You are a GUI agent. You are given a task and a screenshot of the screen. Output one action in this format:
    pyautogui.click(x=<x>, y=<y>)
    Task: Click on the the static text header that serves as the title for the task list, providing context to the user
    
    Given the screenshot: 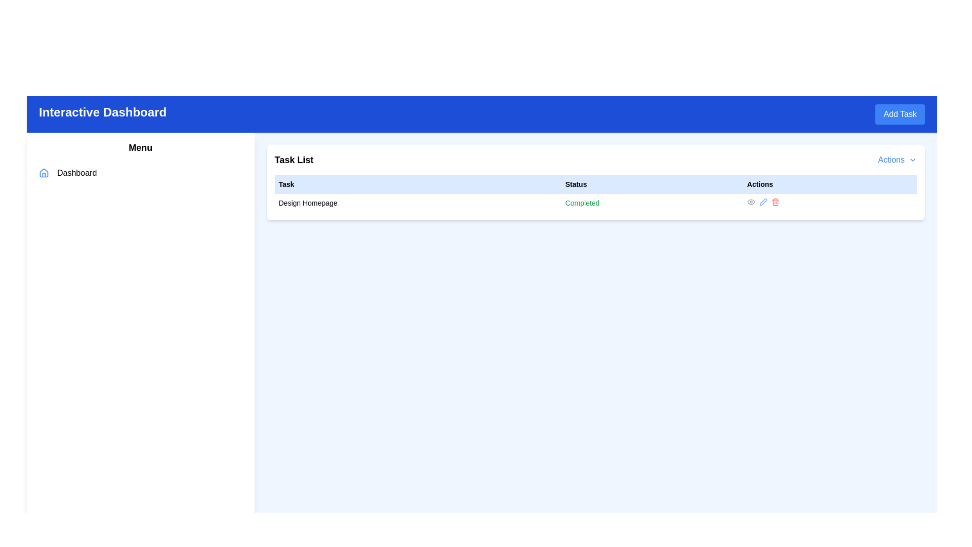 What is the action you would take?
    pyautogui.click(x=293, y=160)
    